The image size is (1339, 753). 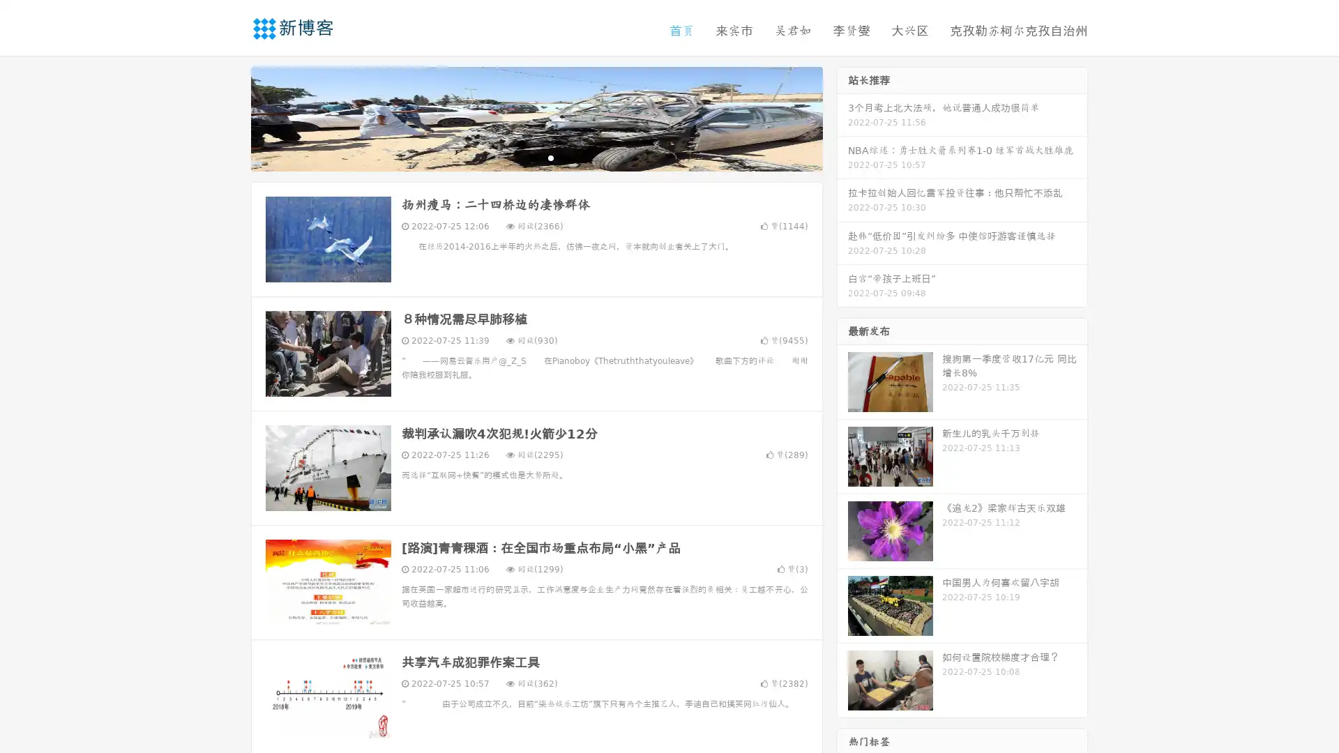 I want to click on Go to slide 3, so click(x=550, y=157).